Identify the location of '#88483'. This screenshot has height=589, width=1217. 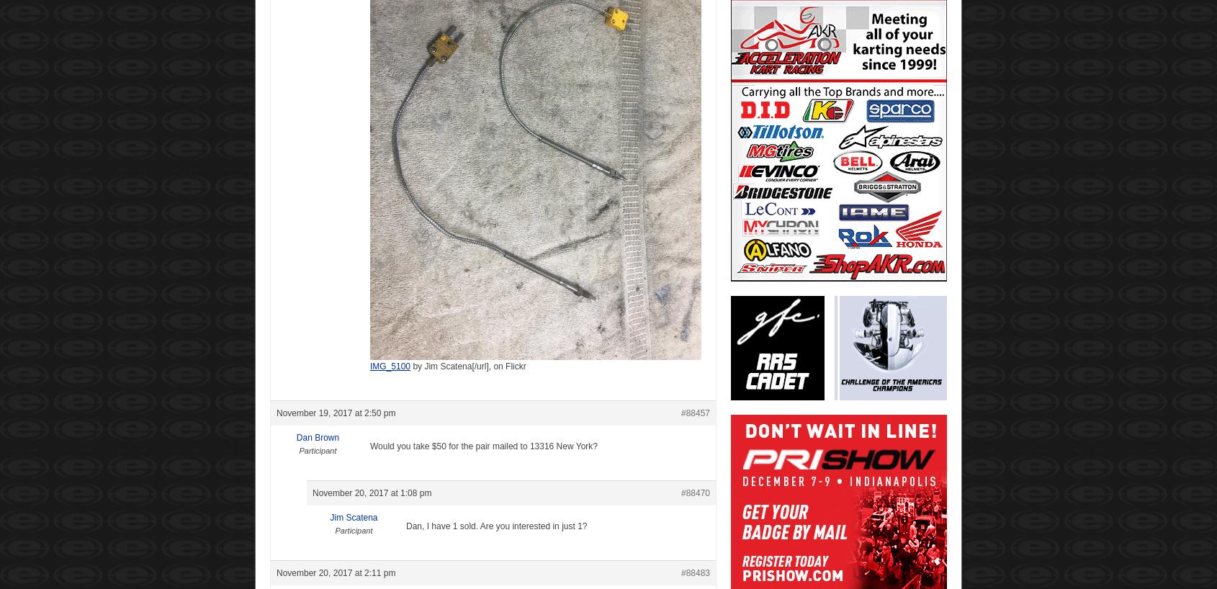
(681, 572).